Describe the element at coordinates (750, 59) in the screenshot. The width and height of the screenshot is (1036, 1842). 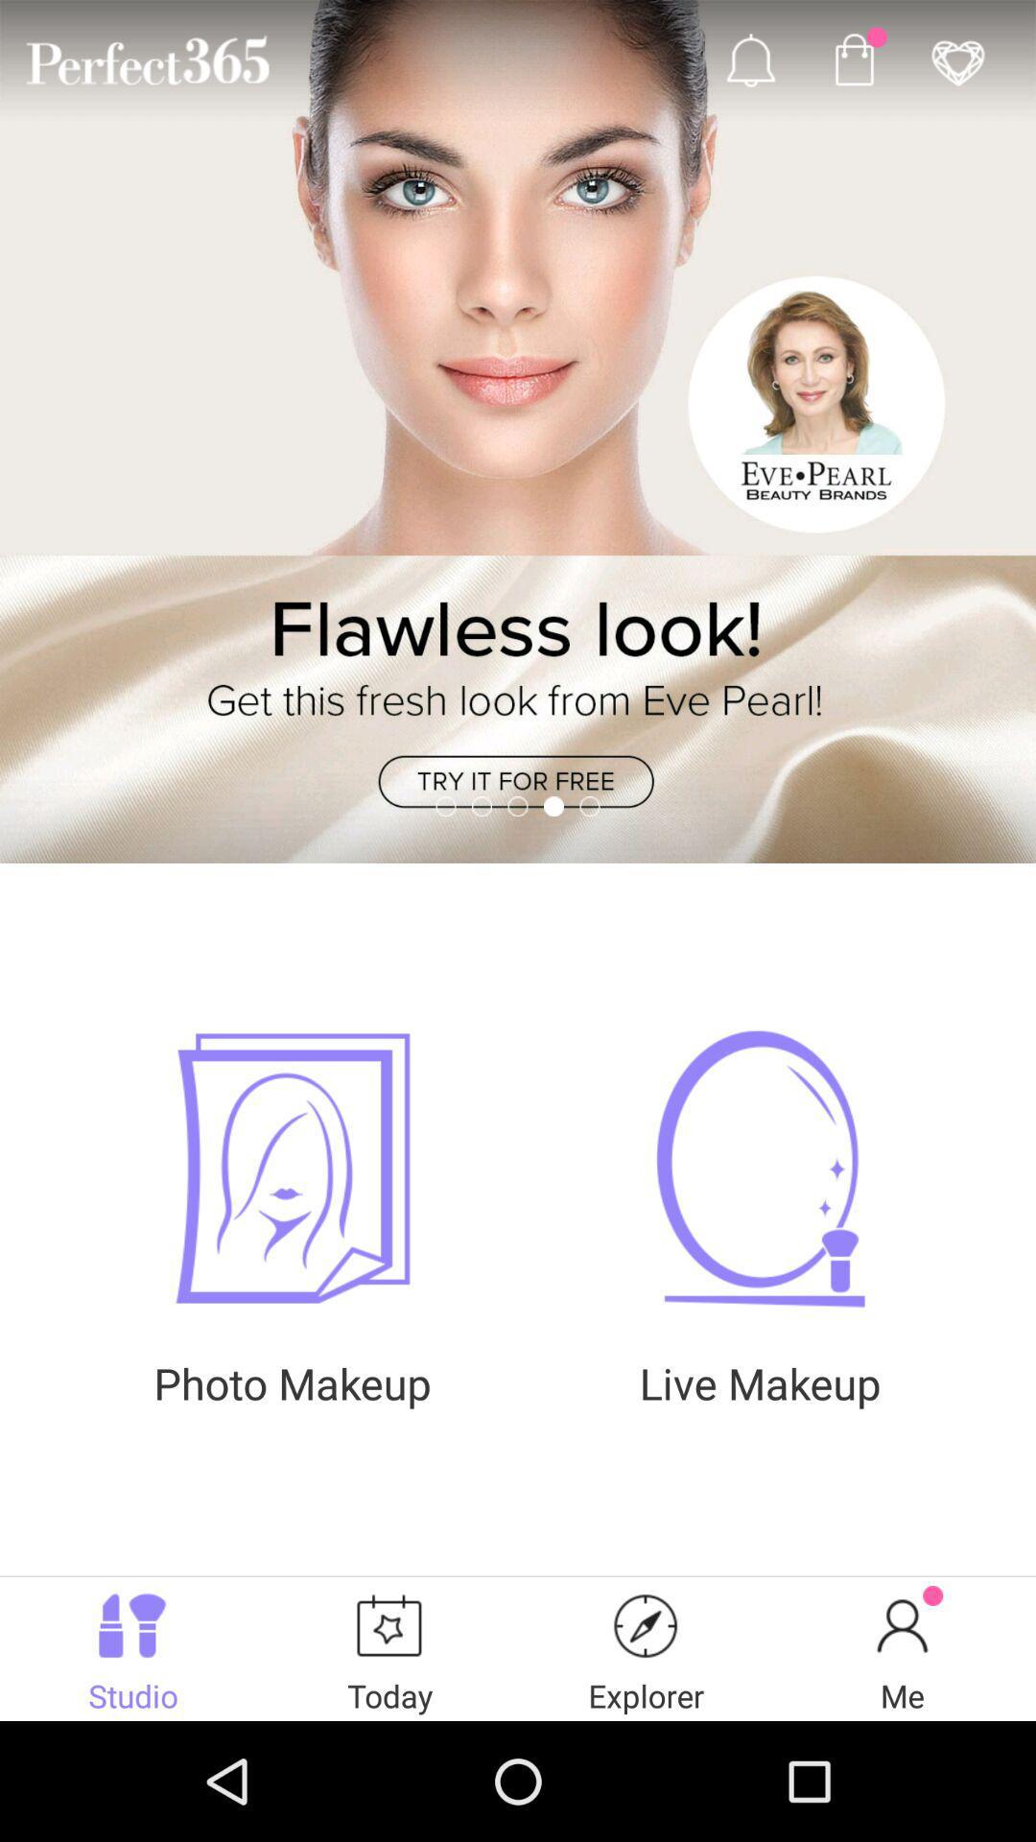
I see `bell icon` at that location.